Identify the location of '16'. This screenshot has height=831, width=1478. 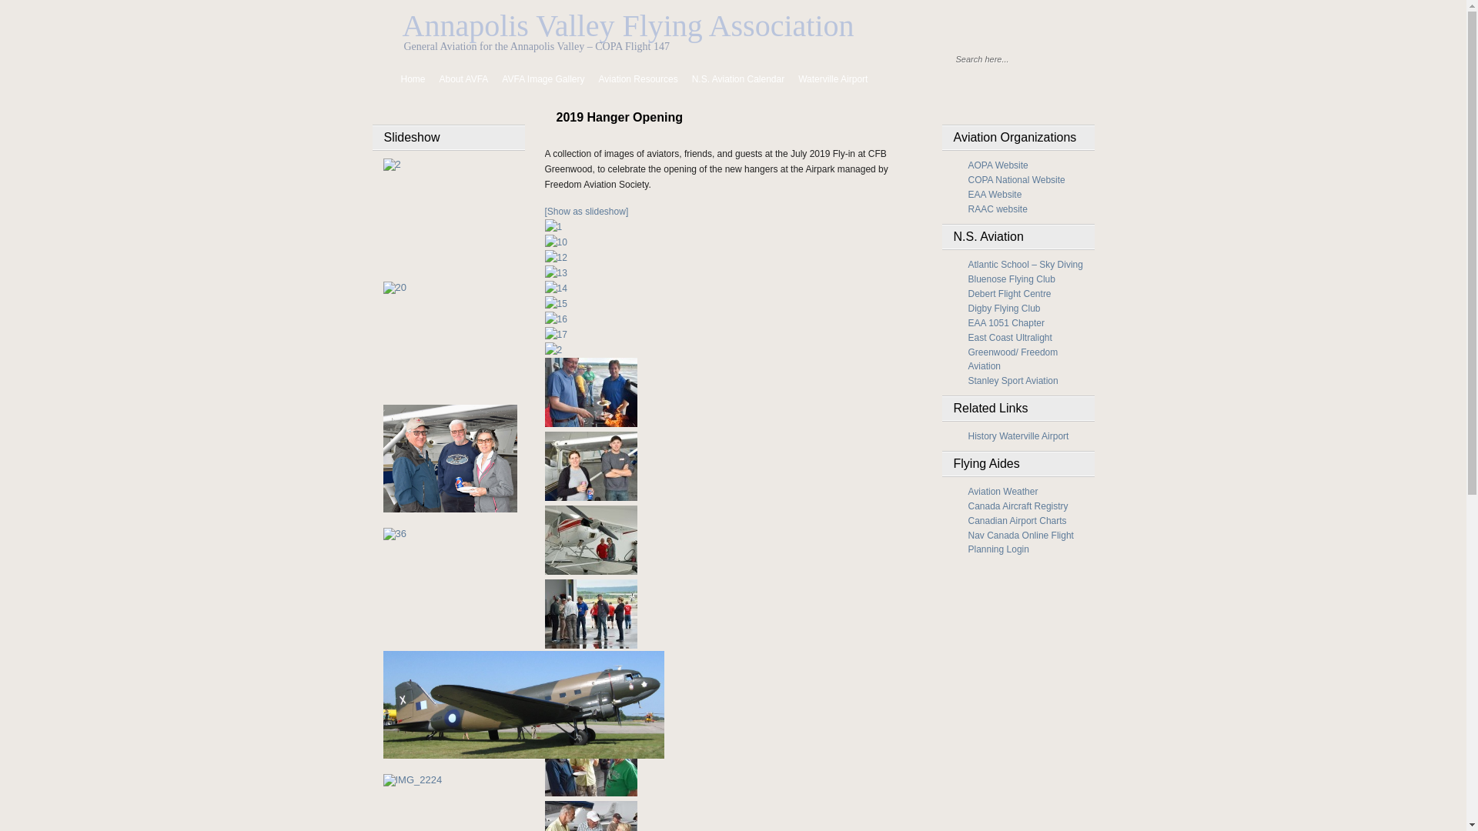
(555, 319).